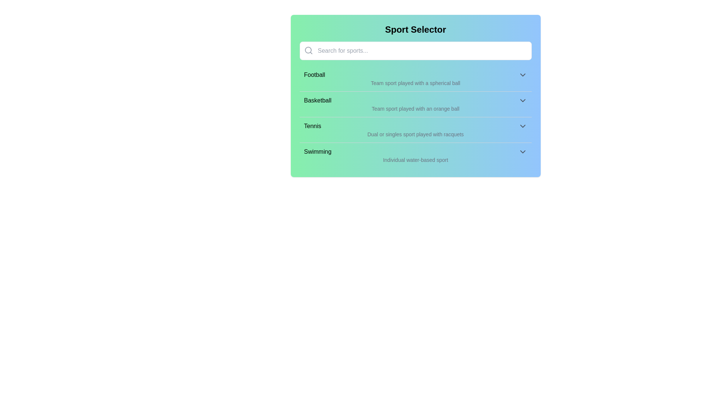 This screenshot has height=401, width=714. Describe the element at coordinates (314, 75) in the screenshot. I see `the 'Football' label element, which is the first item in the 'Sport Selector' vertical list` at that location.